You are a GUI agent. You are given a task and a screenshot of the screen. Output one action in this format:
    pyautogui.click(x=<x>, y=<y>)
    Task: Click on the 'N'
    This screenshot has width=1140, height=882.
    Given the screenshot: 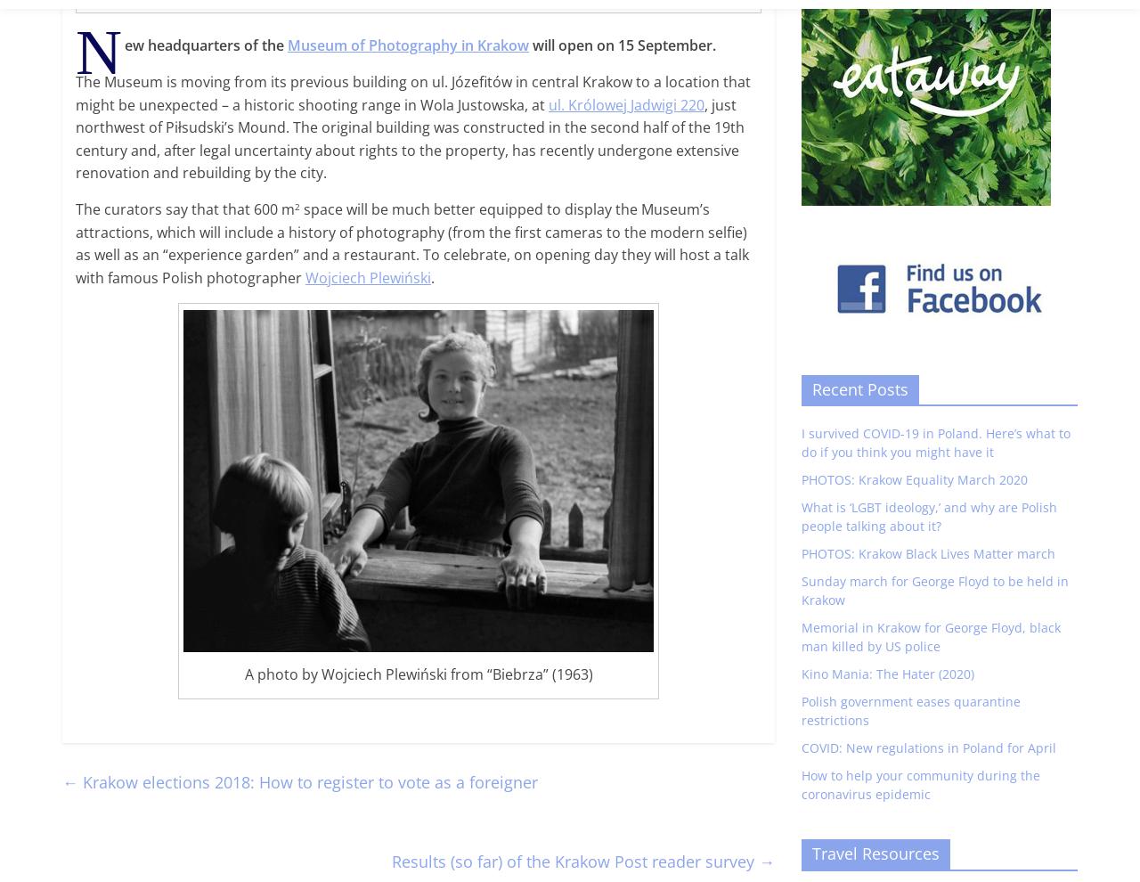 What is the action you would take?
    pyautogui.click(x=97, y=53)
    